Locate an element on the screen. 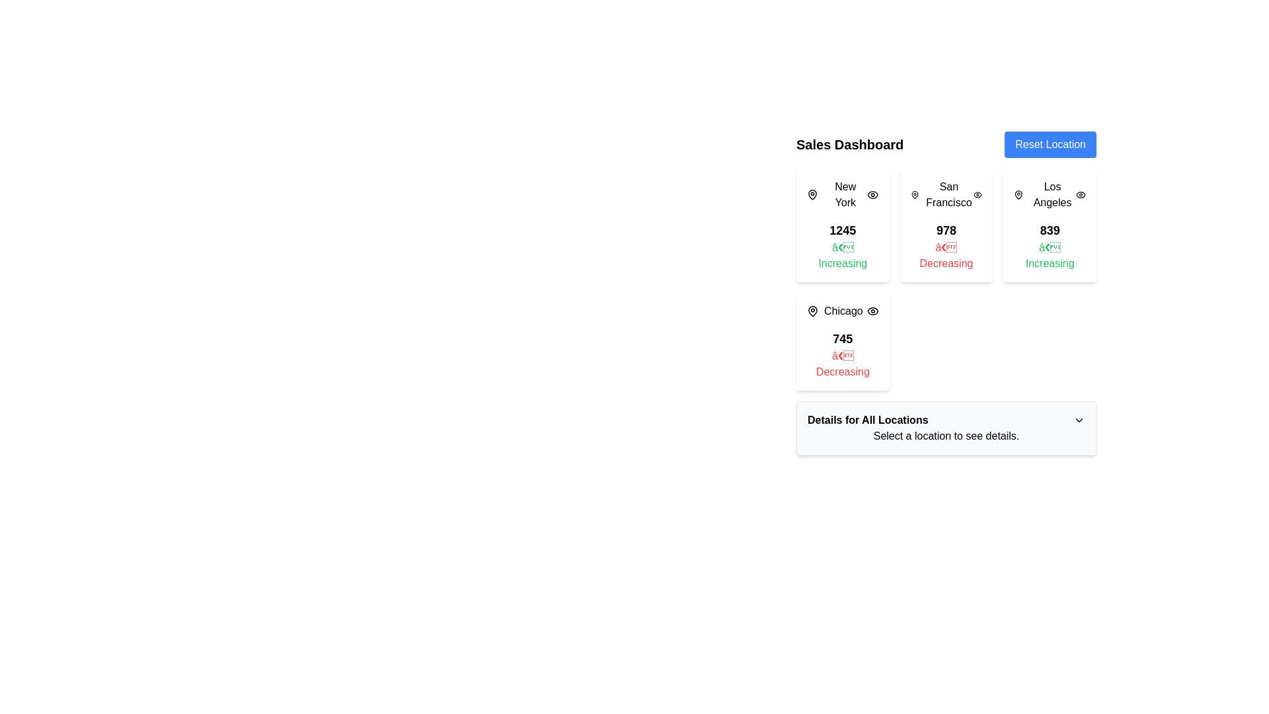  the visibility icon located to the right of the 'New York' card in the top-left area of the dashboard is located at coordinates (872, 194).